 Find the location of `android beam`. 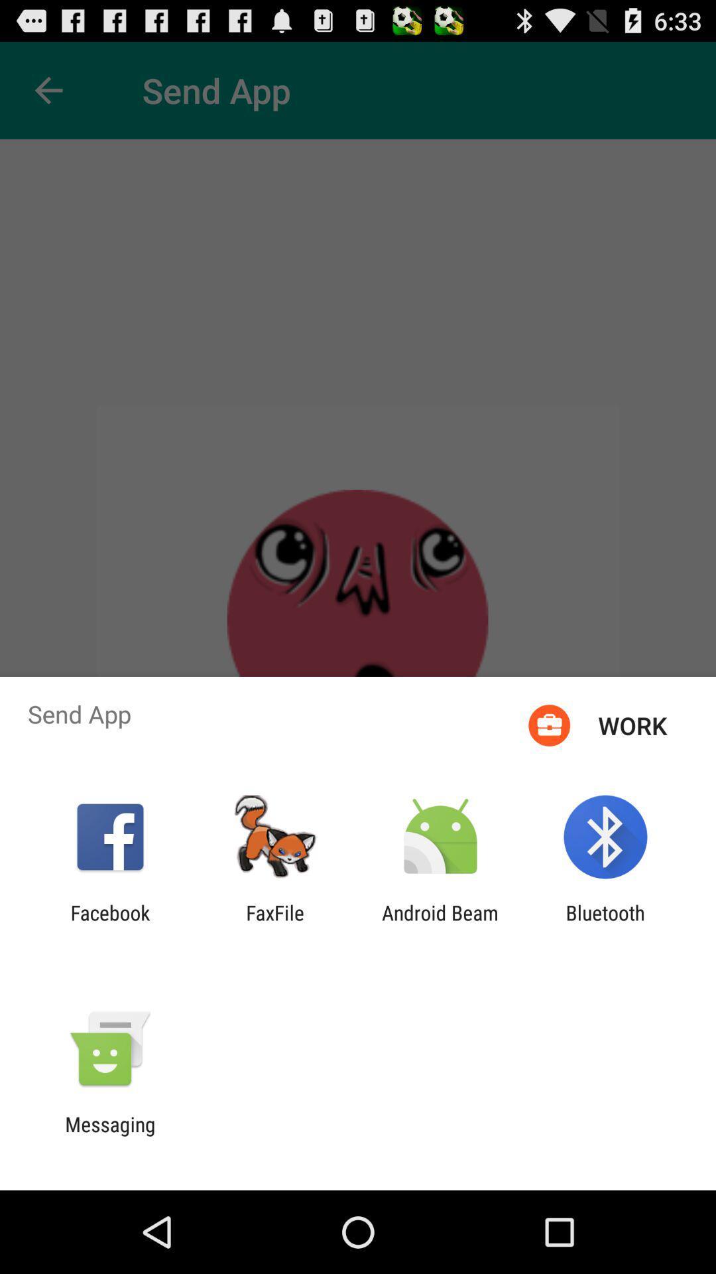

android beam is located at coordinates (440, 924).